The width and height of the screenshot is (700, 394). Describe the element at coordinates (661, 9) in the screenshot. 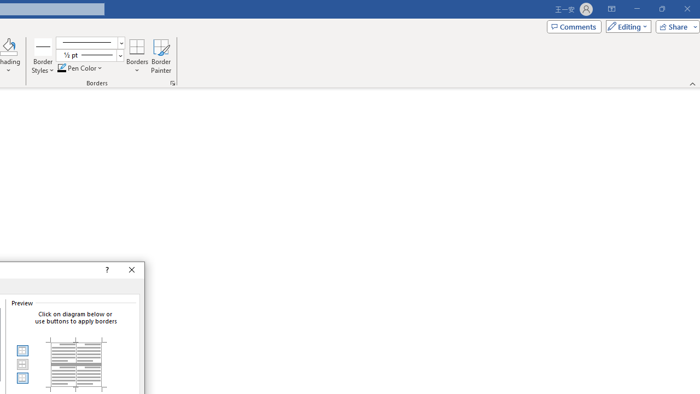

I see `'Restore Down'` at that location.